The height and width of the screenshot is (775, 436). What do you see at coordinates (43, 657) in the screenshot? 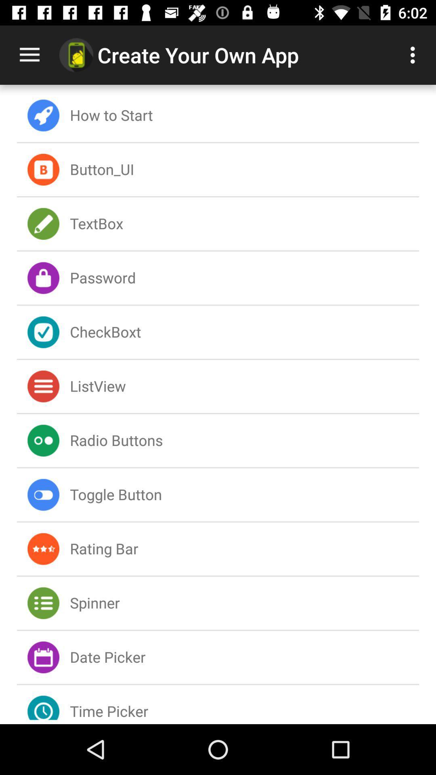
I see `the icon left next to date picker` at bounding box center [43, 657].